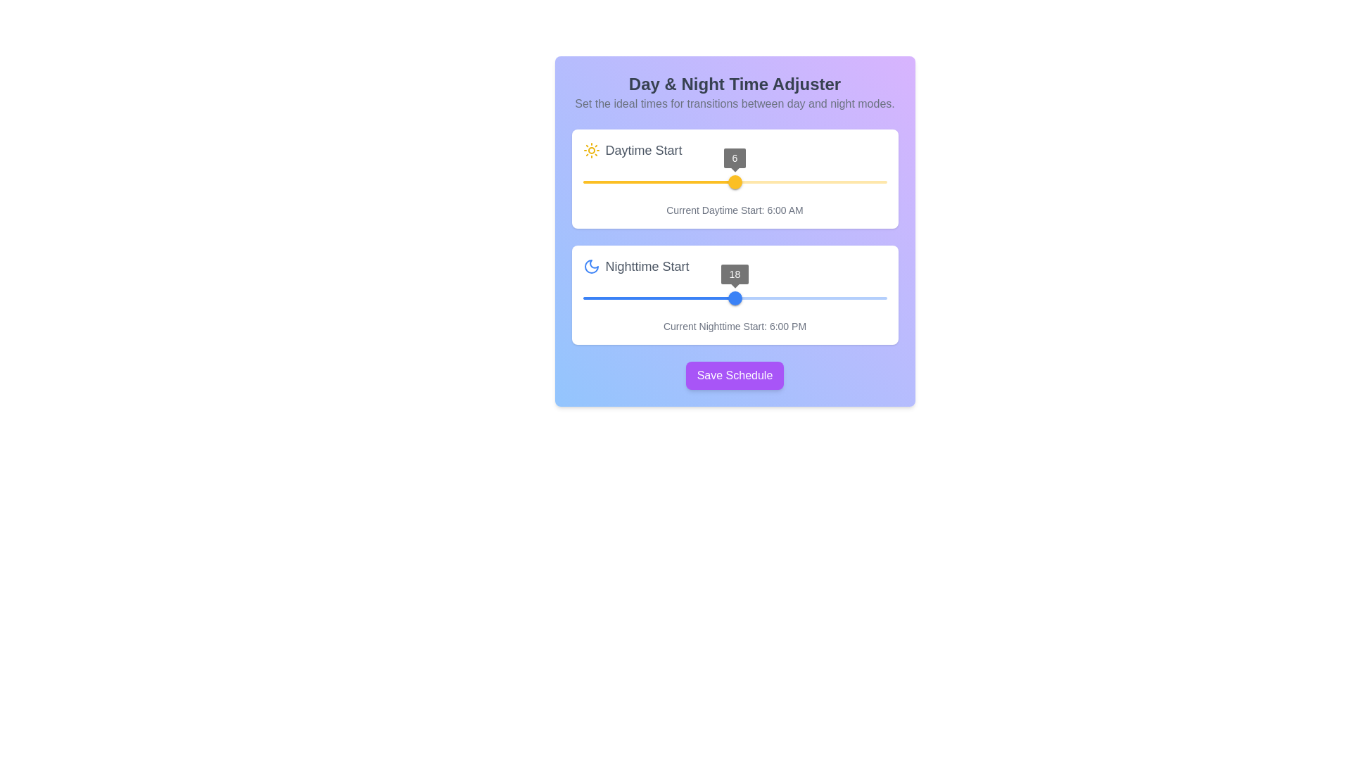 The height and width of the screenshot is (760, 1351). Describe the element at coordinates (591, 266) in the screenshot. I see `the SVG graphic element representing the moon, which is located to the left of the 'Nighttime Start' label in the interface` at that location.